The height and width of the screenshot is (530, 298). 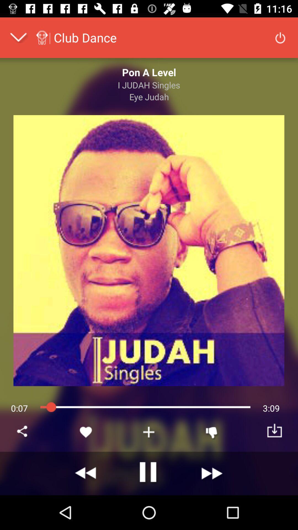 I want to click on icon next to club dance item, so click(x=280, y=37).